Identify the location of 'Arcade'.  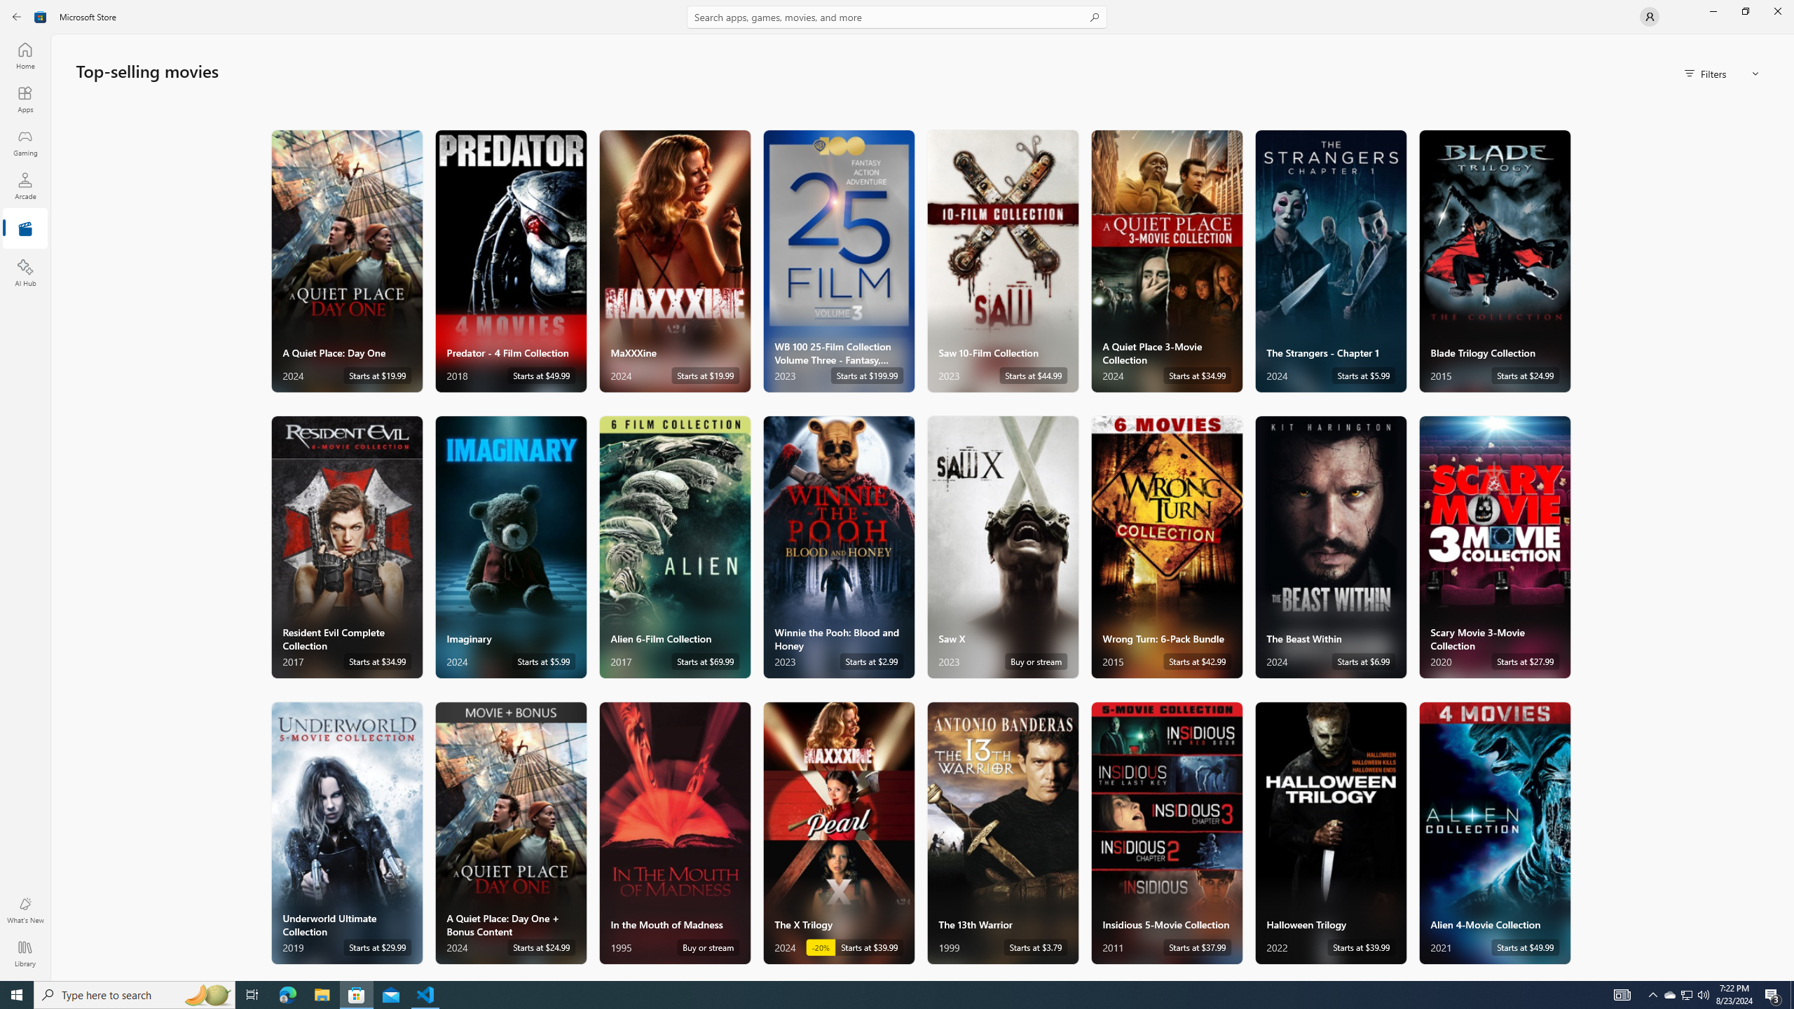
(24, 185).